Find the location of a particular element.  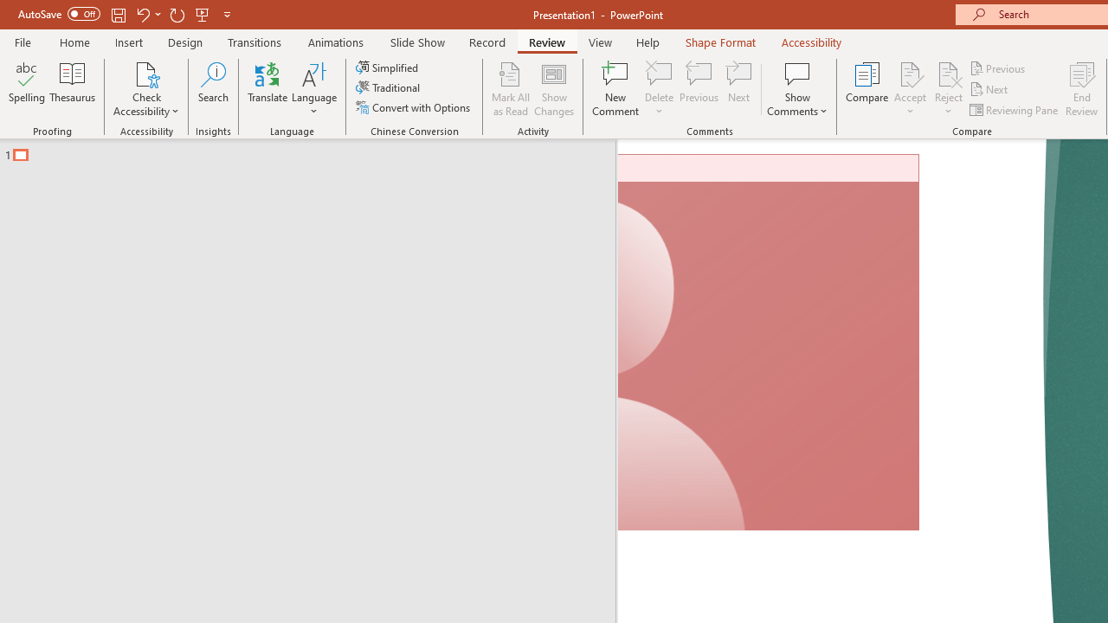

'Previous' is located at coordinates (998, 67).